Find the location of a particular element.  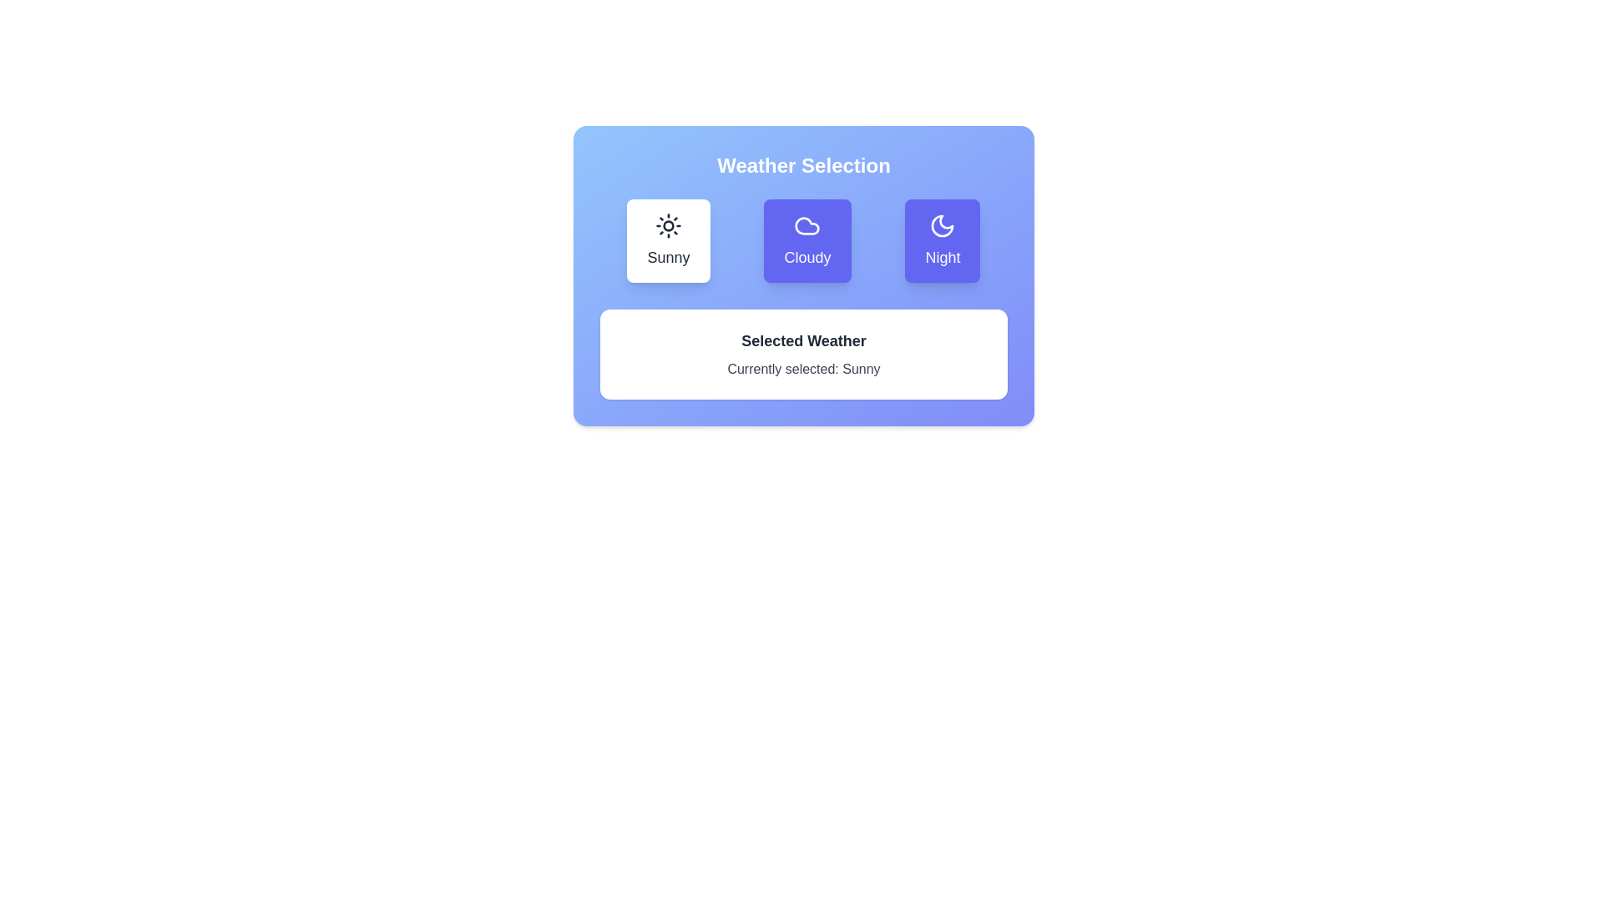

the small circular icon located at the center of the sun icon, which is the first item in the horizontal row of weather options at the top of the UI panel is located at coordinates (669, 225).